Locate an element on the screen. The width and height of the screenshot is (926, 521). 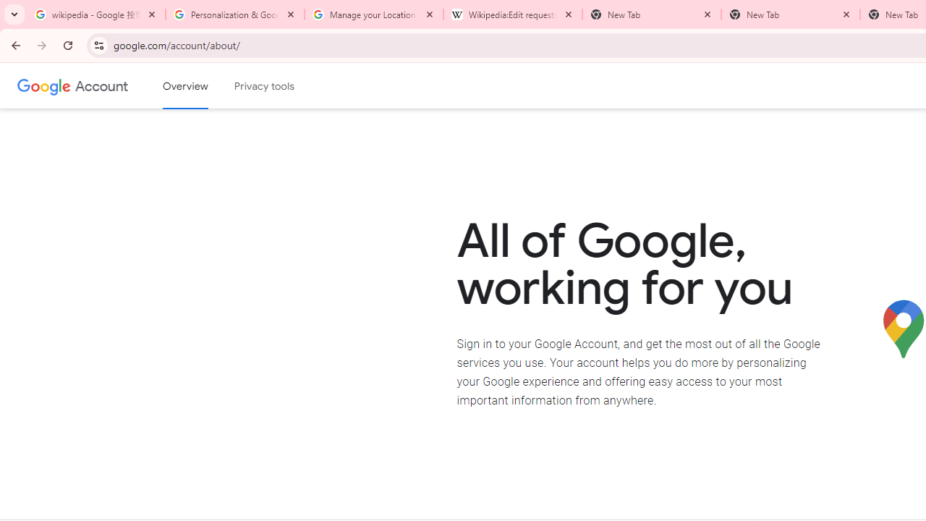
'Google Account' is located at coordinates (101, 85).